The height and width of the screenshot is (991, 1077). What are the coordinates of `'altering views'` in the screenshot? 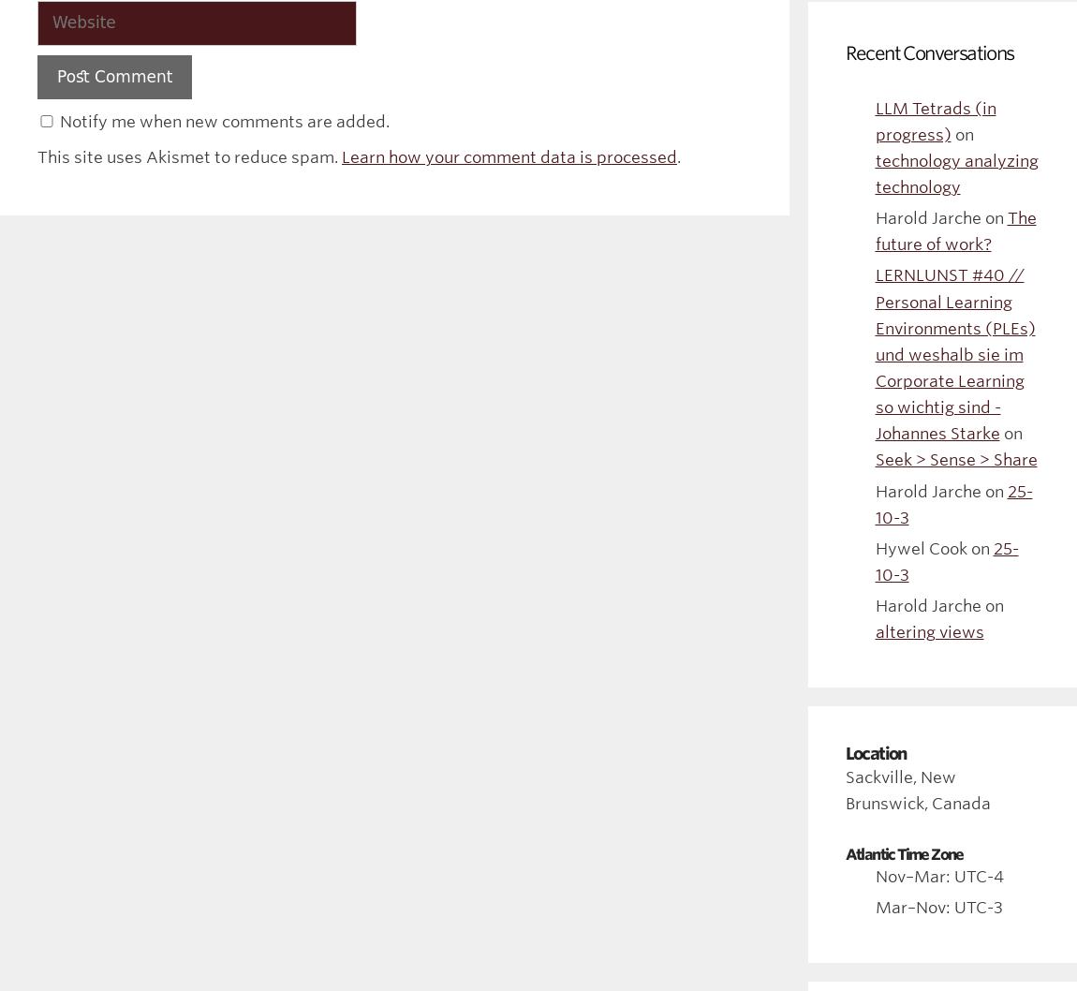 It's located at (928, 631).